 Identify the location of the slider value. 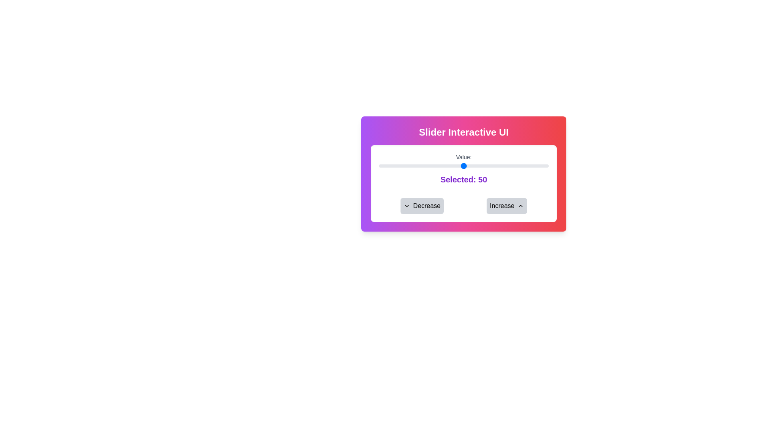
(544, 166).